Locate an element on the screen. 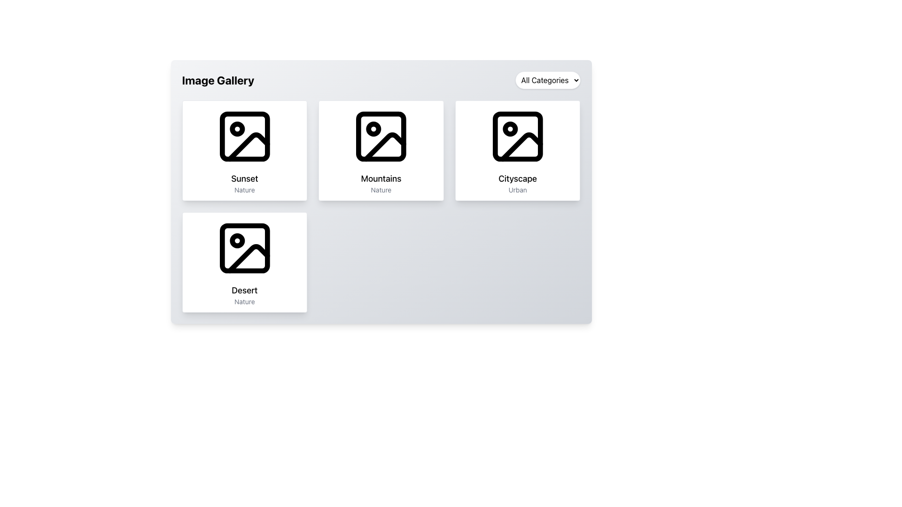 The width and height of the screenshot is (902, 507). the Static text label reading 'Urban' located within the 'Cityscape' card, positioned below the 'Cityscape' title text is located at coordinates (517, 190).